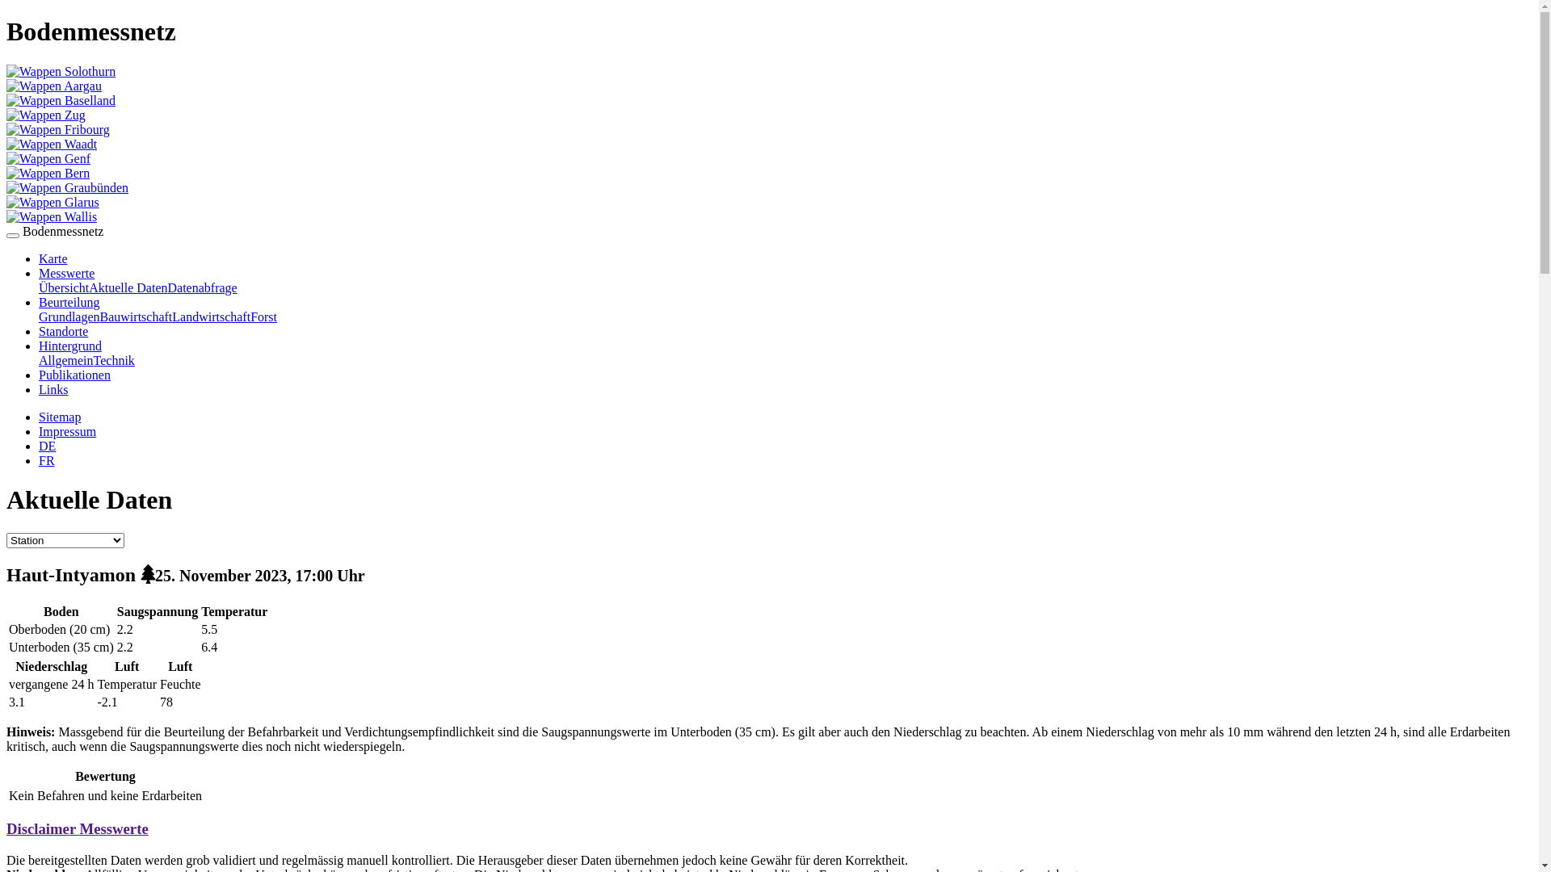  What do you see at coordinates (77, 828) in the screenshot?
I see `'Disclaimer Messwerte'` at bounding box center [77, 828].